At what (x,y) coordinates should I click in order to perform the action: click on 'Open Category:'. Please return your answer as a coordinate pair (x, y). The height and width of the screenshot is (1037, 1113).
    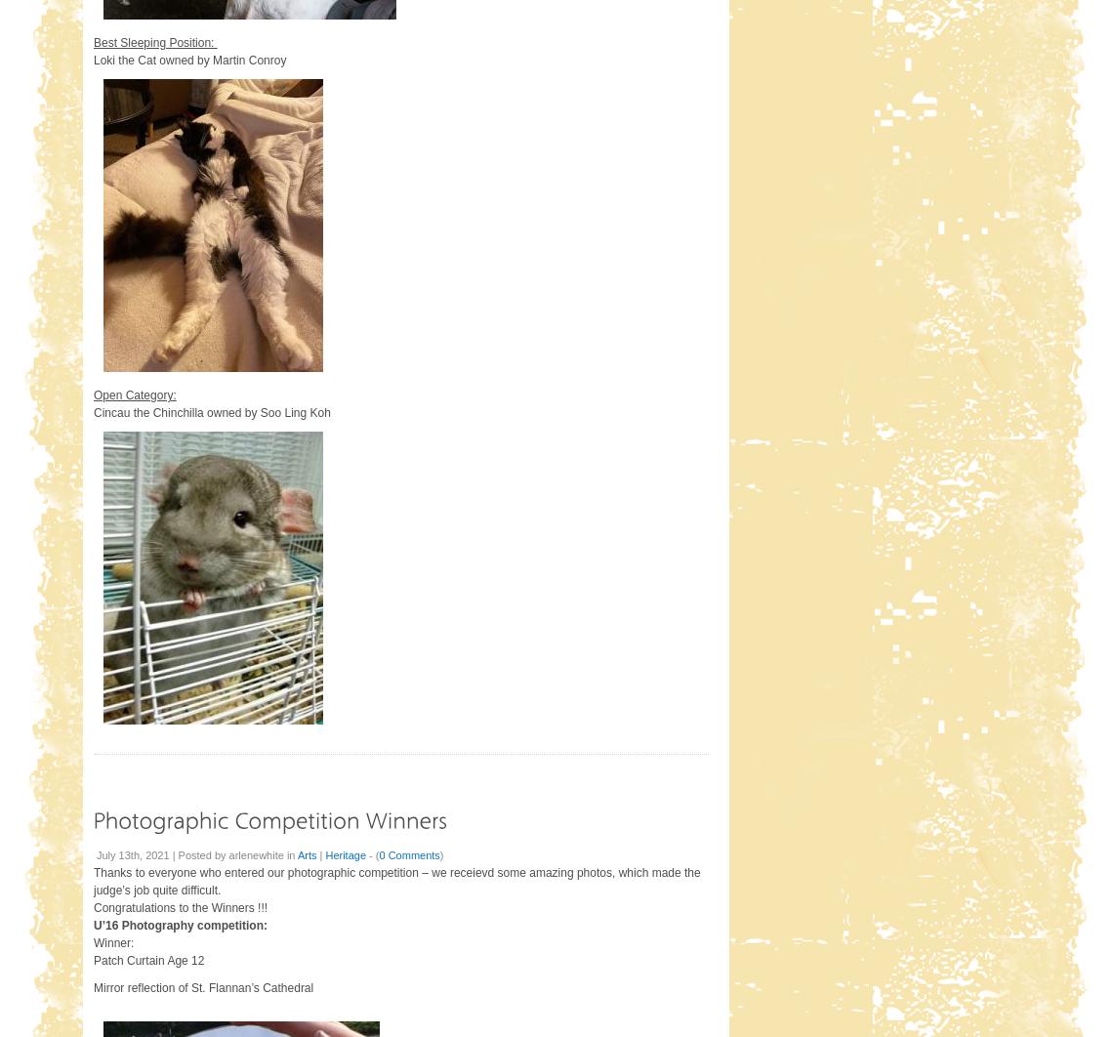
    Looking at the image, I should click on (134, 393).